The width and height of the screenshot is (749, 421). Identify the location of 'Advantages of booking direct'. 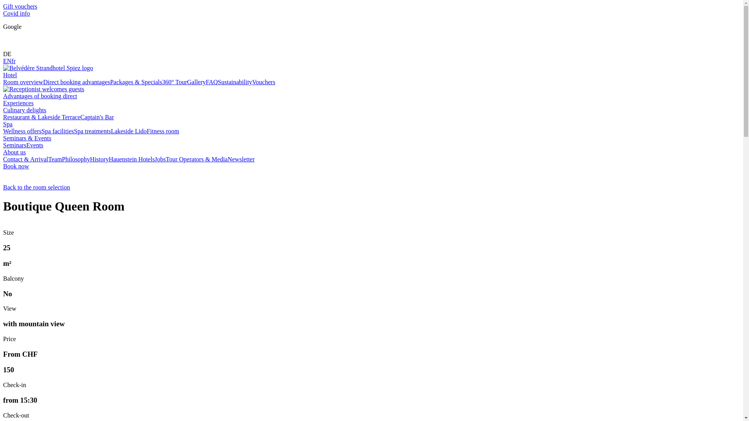
(371, 92).